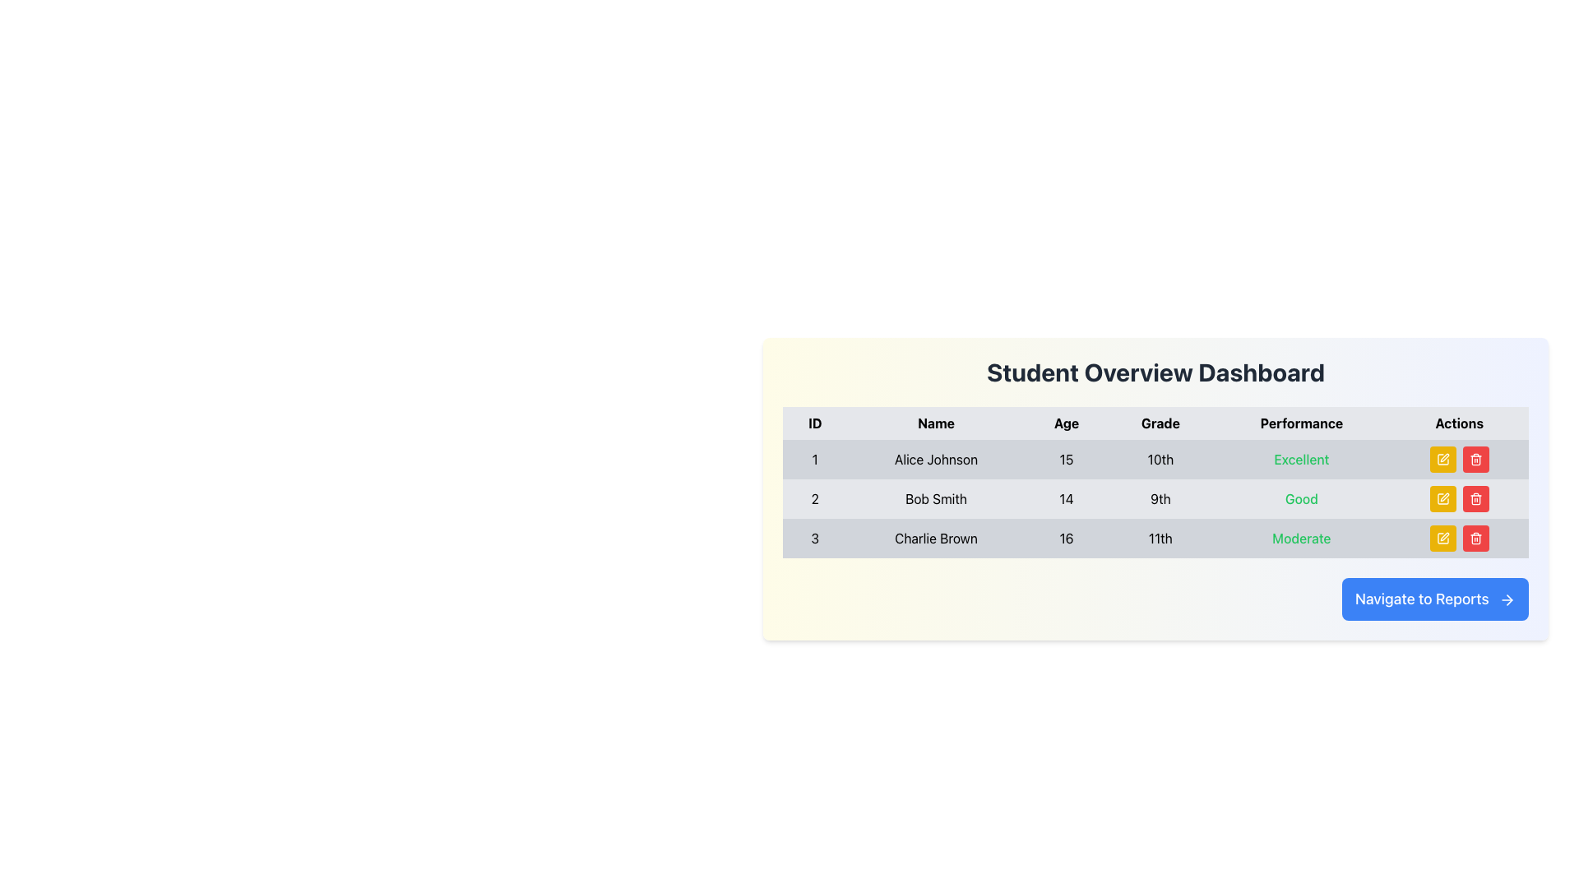  Describe the element at coordinates (1160, 460) in the screenshot. I see `the label displaying '10th' grade for the student 'Alice Johnson' in the table's 'Grade' column` at that location.